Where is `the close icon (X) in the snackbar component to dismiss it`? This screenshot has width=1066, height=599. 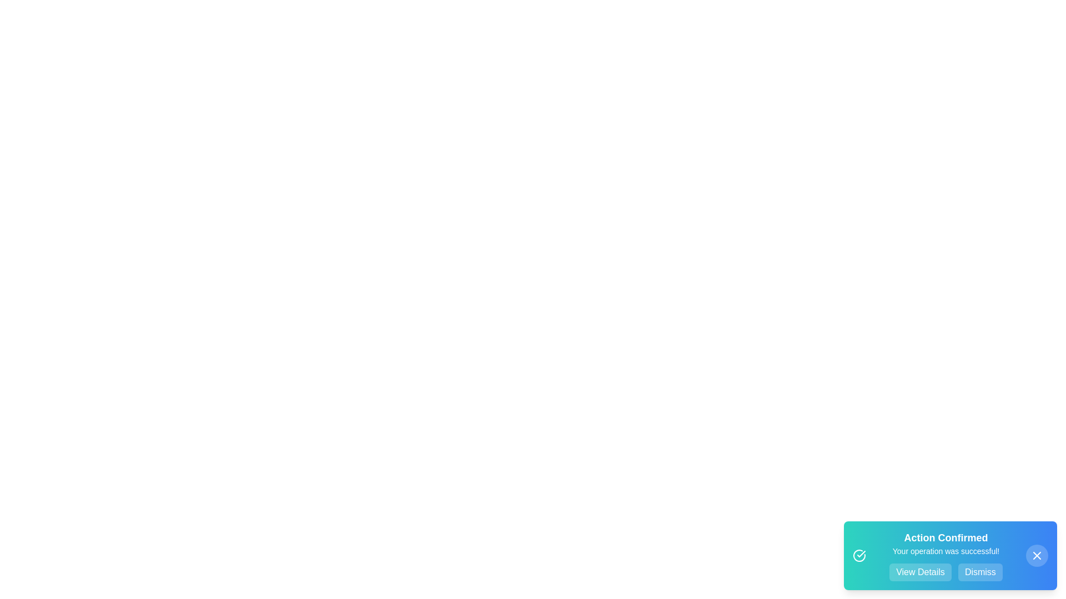 the close icon (X) in the snackbar component to dismiss it is located at coordinates (1036, 556).